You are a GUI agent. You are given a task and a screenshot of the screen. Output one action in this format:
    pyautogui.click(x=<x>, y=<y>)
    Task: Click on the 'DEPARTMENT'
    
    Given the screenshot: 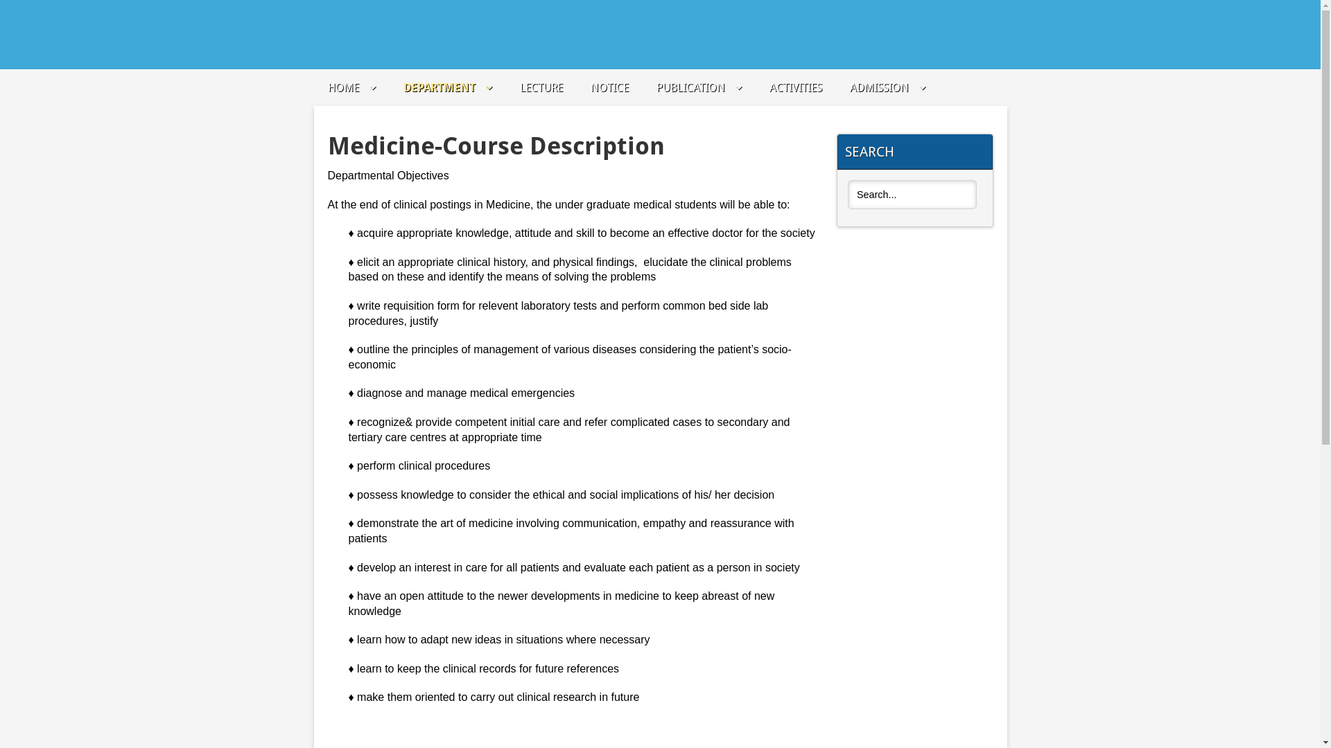 What is the action you would take?
    pyautogui.click(x=402, y=87)
    